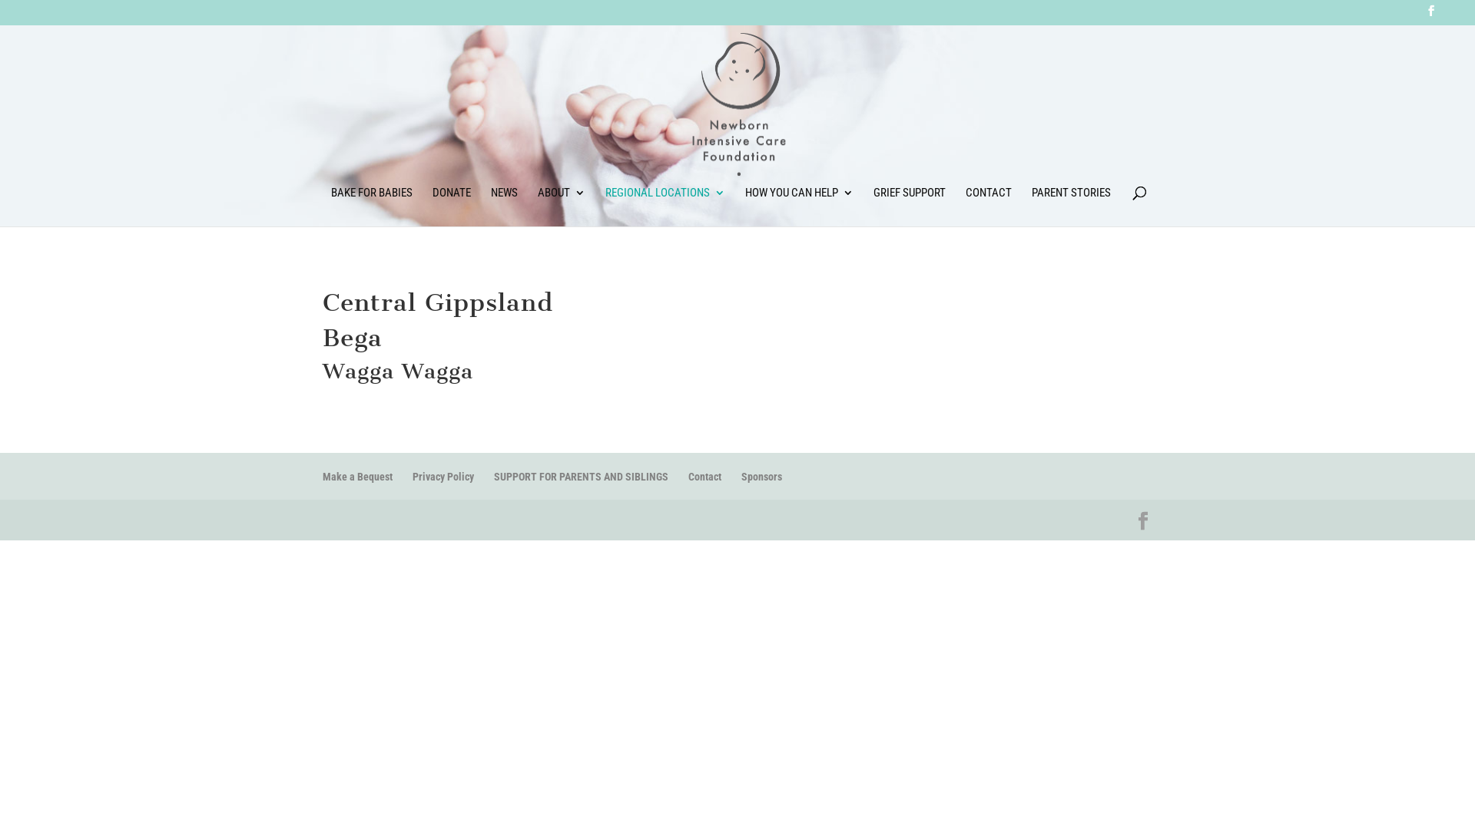 The image size is (1475, 829). What do you see at coordinates (398, 370) in the screenshot?
I see `'Wagga Wagga'` at bounding box center [398, 370].